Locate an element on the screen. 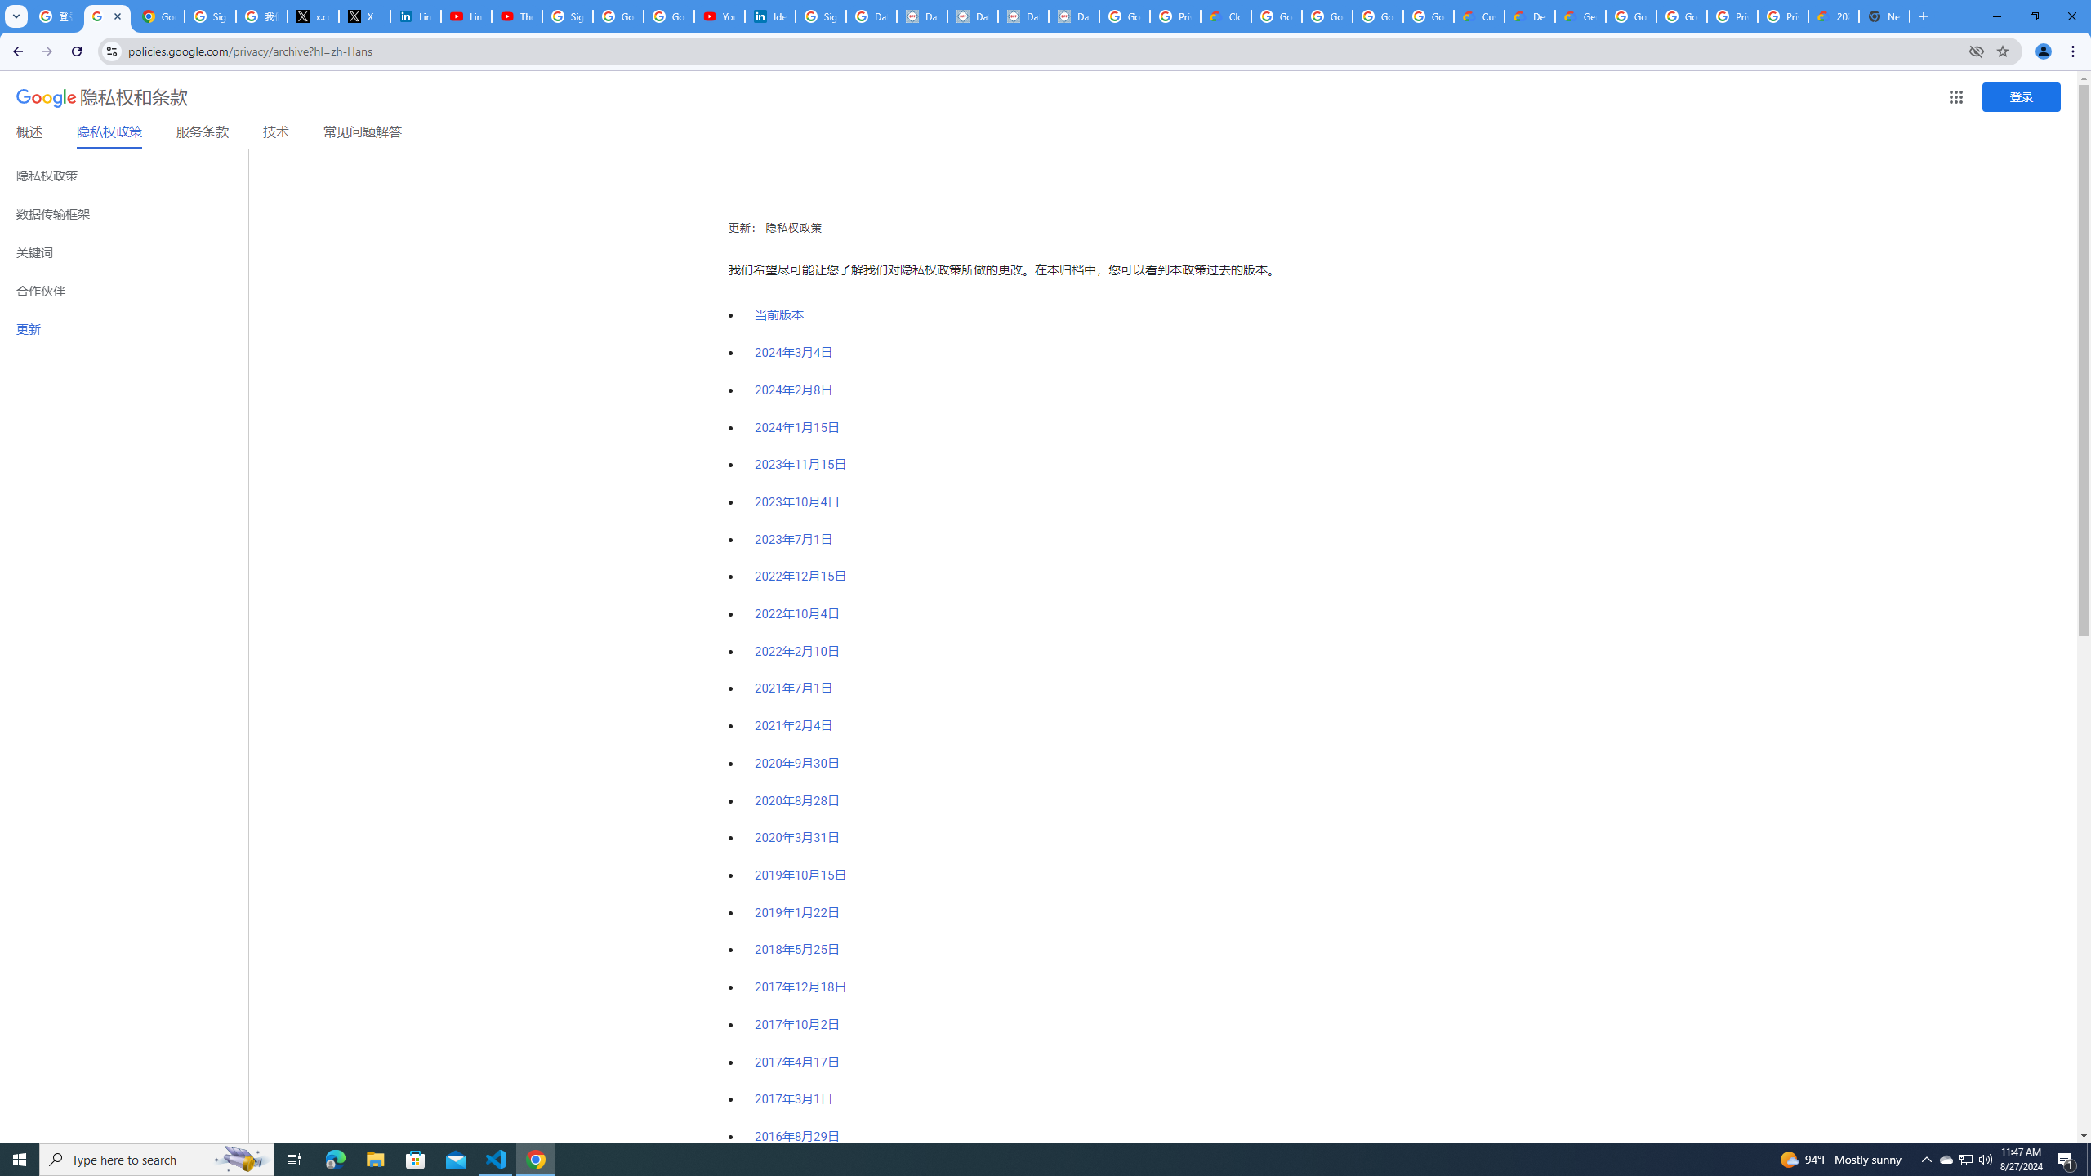  'LinkedIn Privacy Policy' is located at coordinates (414, 16).